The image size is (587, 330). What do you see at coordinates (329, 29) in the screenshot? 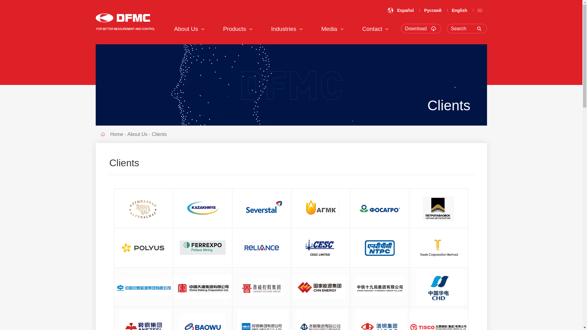
I see `'Media'` at bounding box center [329, 29].